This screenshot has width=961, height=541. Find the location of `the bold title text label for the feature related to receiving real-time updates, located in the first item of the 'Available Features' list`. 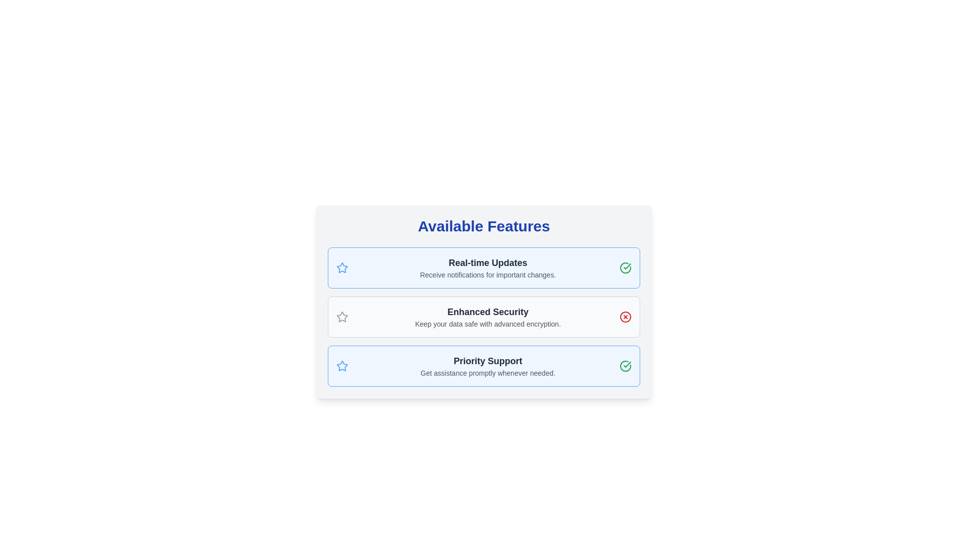

the bold title text label for the feature related to receiving real-time updates, located in the first item of the 'Available Features' list is located at coordinates (488, 262).